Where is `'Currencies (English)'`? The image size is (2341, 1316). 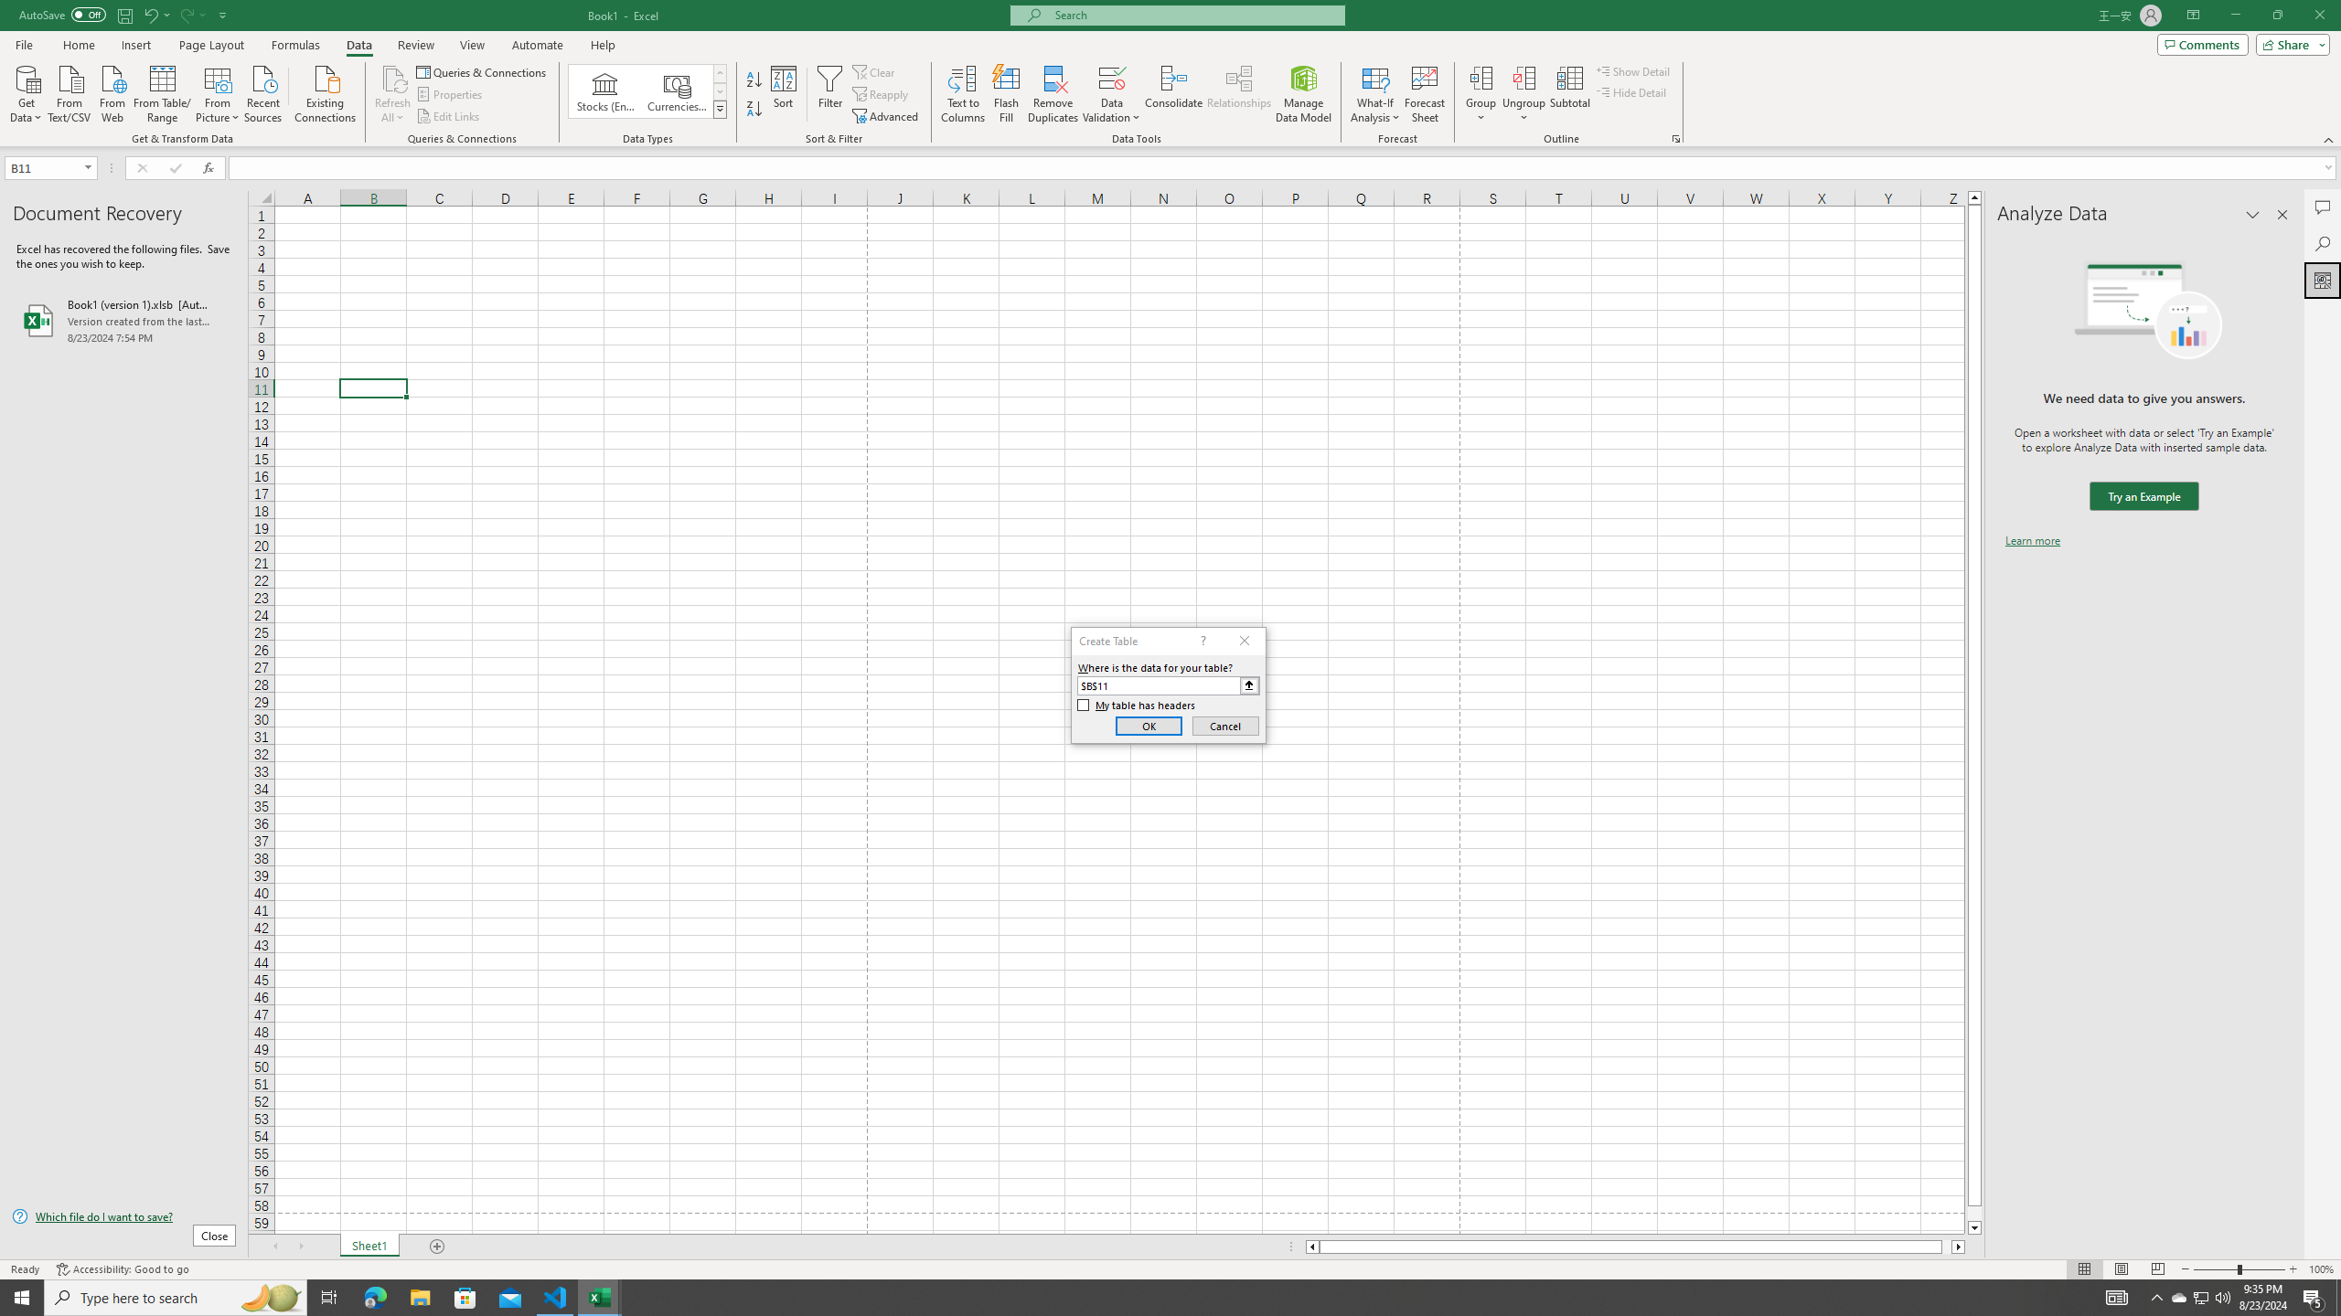
'Currencies (English)' is located at coordinates (675, 90).